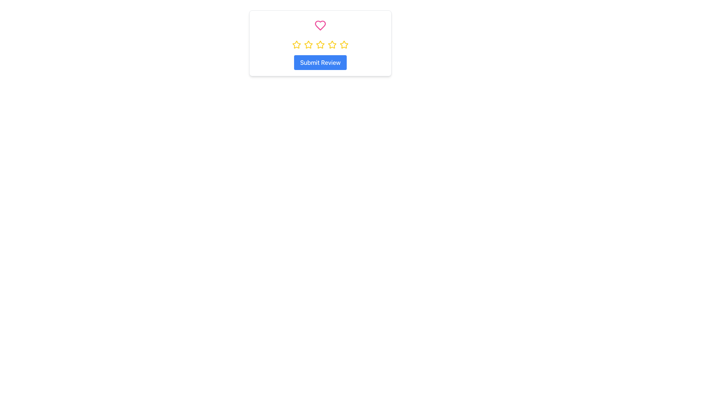 This screenshot has height=400, width=712. What do you see at coordinates (332, 44) in the screenshot?
I see `the third yellow star-shaped rating icon in a series of five` at bounding box center [332, 44].